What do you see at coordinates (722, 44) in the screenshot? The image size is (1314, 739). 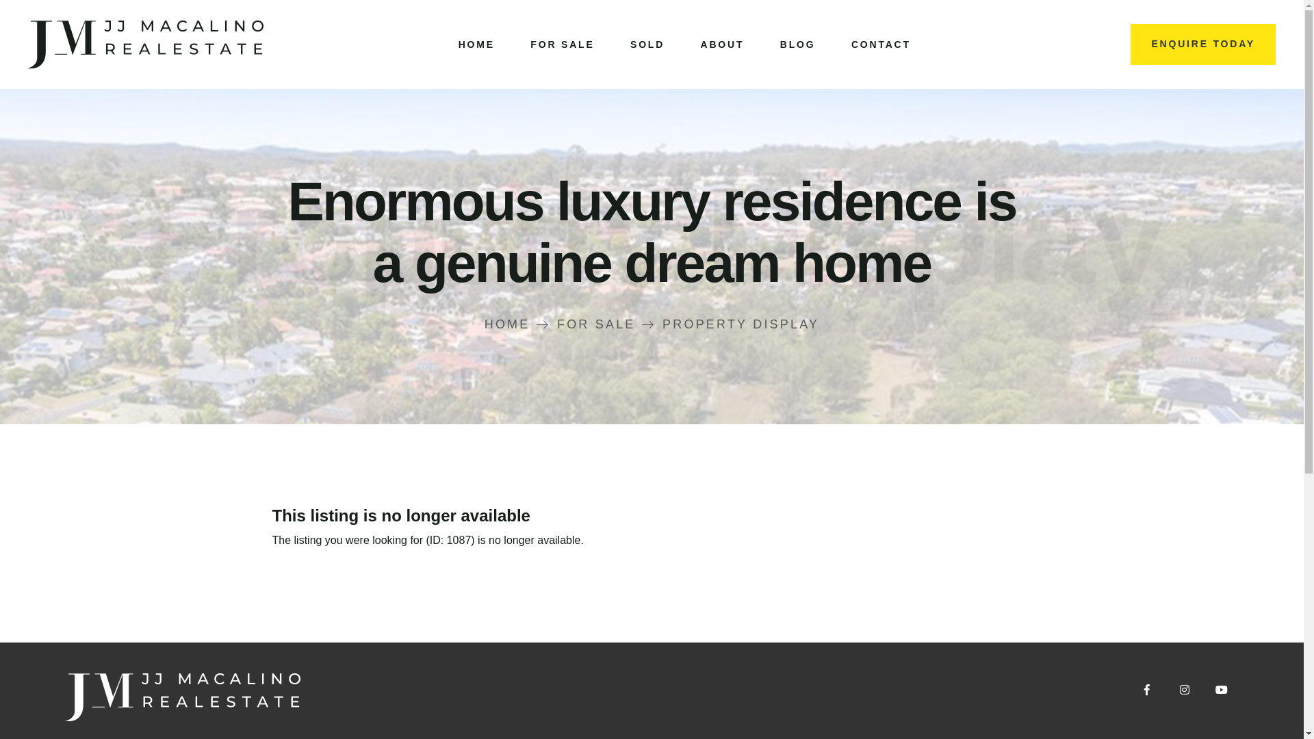 I see `'ABOUT'` at bounding box center [722, 44].